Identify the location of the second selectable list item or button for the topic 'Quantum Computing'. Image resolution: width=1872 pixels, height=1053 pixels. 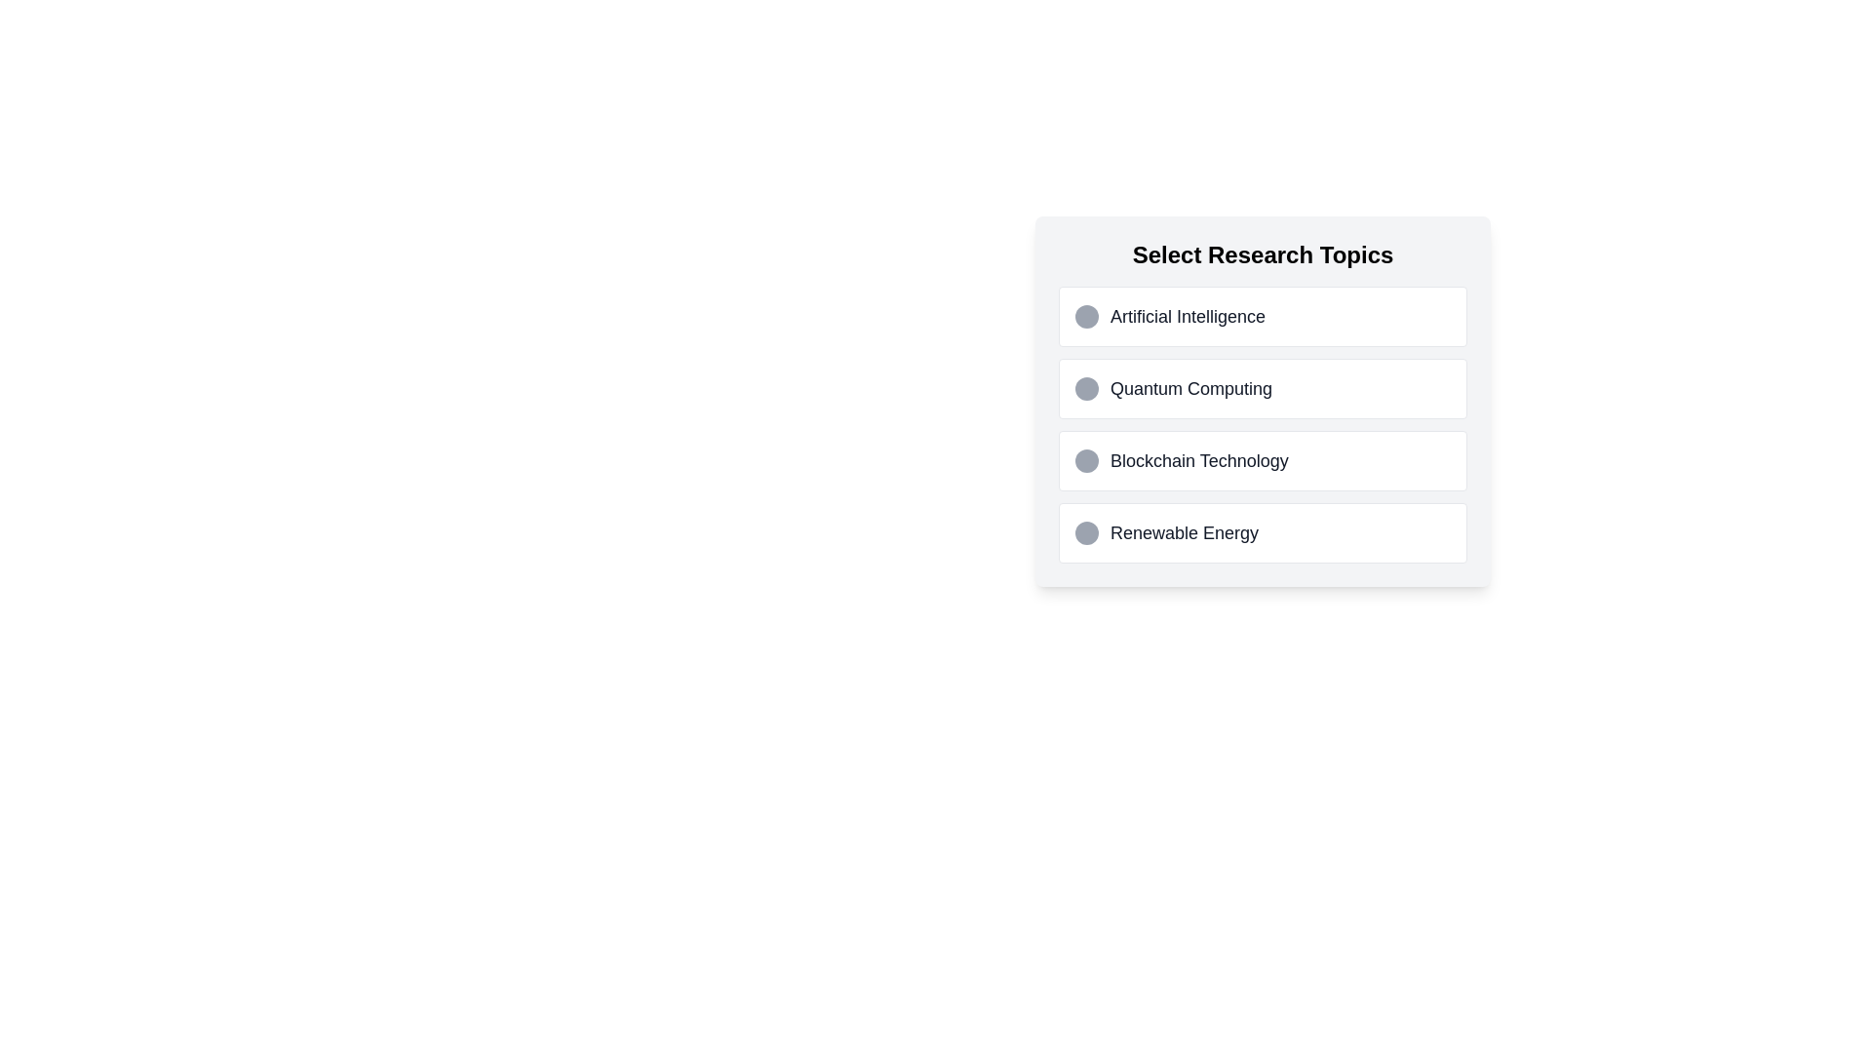
(1263, 401).